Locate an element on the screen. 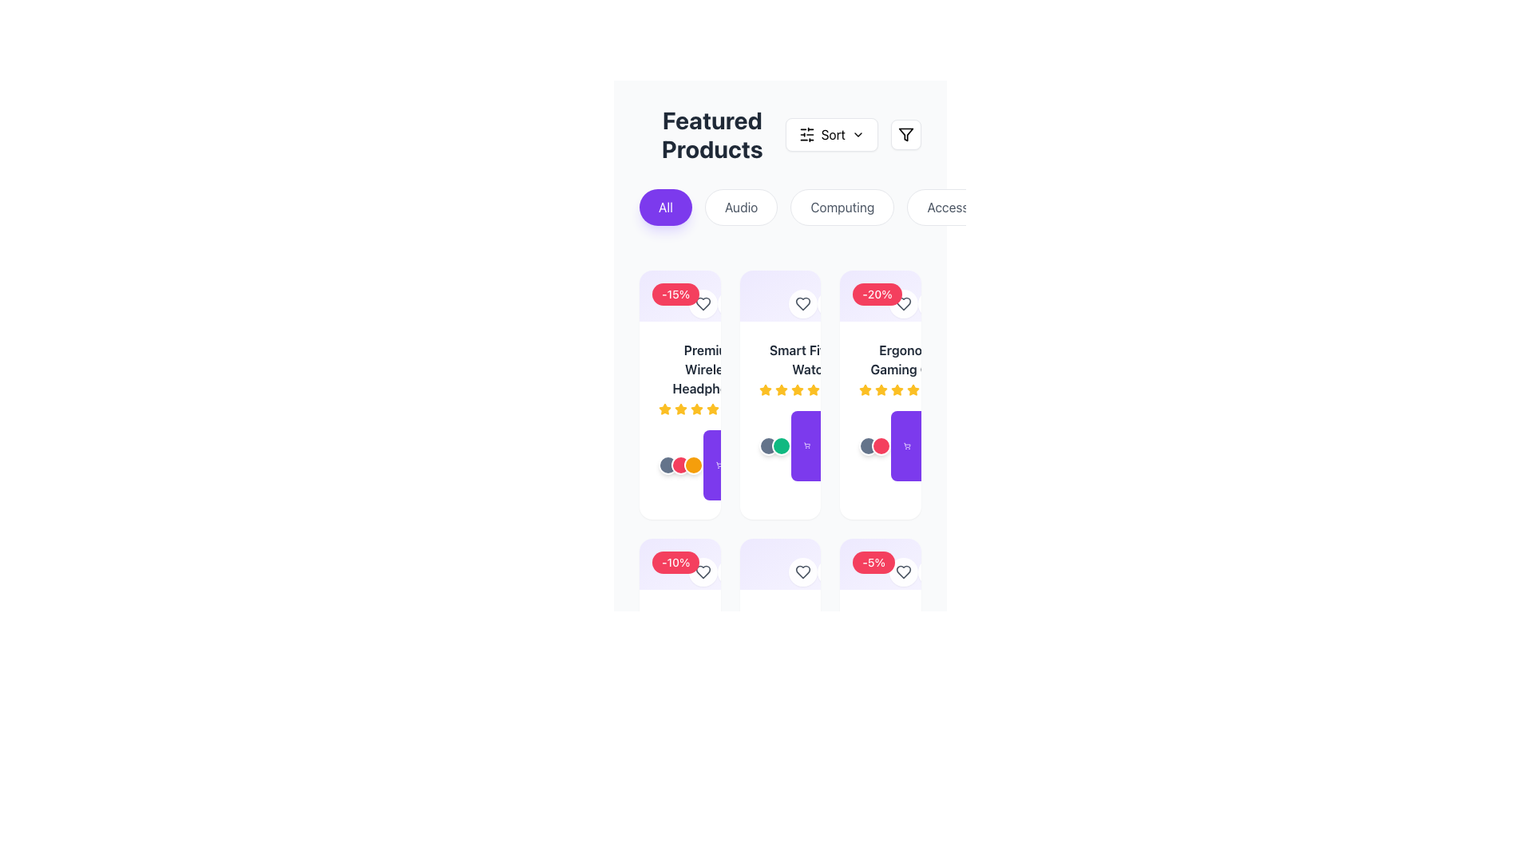 The width and height of the screenshot is (1533, 862). the rating stars of the 'Smart Fitness Watch' product listing summary is located at coordinates (780, 369).